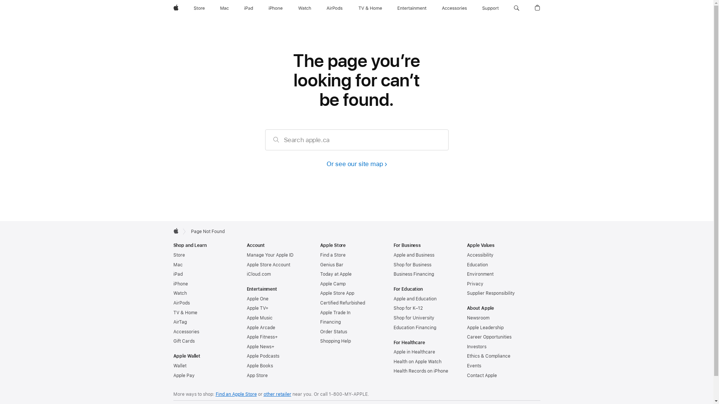 This screenshot has height=404, width=719. What do you see at coordinates (304, 8) in the screenshot?
I see `'Watch'` at bounding box center [304, 8].